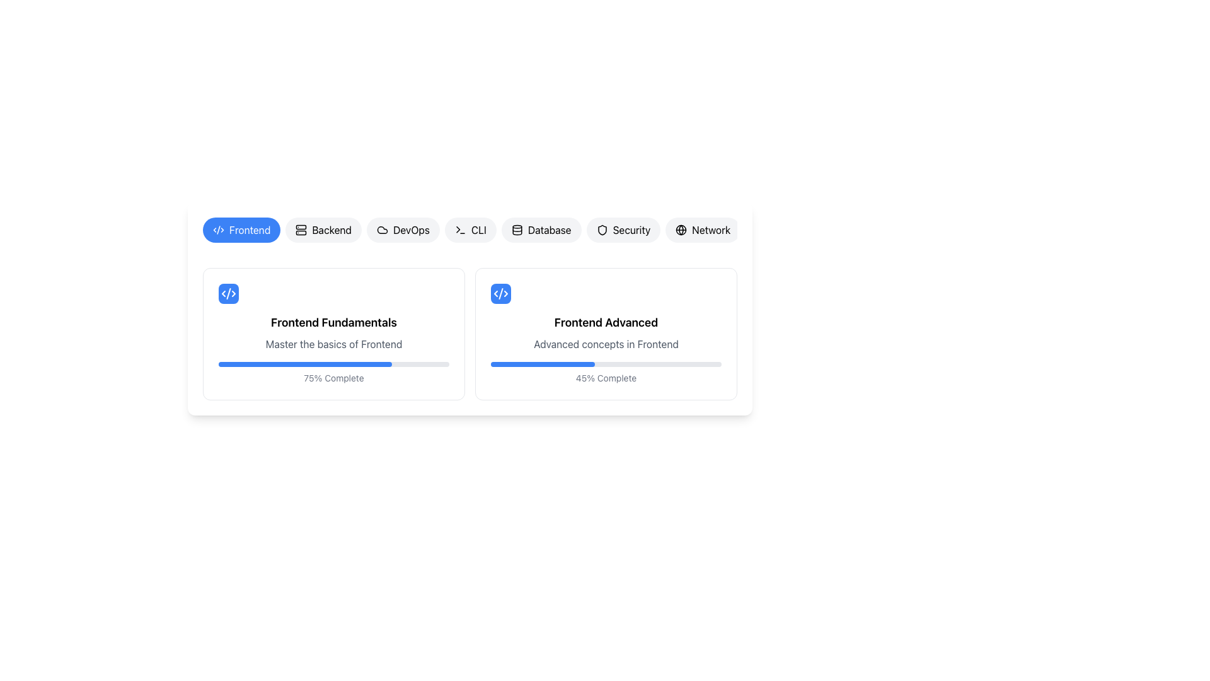 Image resolution: width=1210 pixels, height=681 pixels. Describe the element at coordinates (601, 230) in the screenshot. I see `the 'Security' button by moving the cursor to the center of the shield icon located at the leftmost side of the button` at that location.